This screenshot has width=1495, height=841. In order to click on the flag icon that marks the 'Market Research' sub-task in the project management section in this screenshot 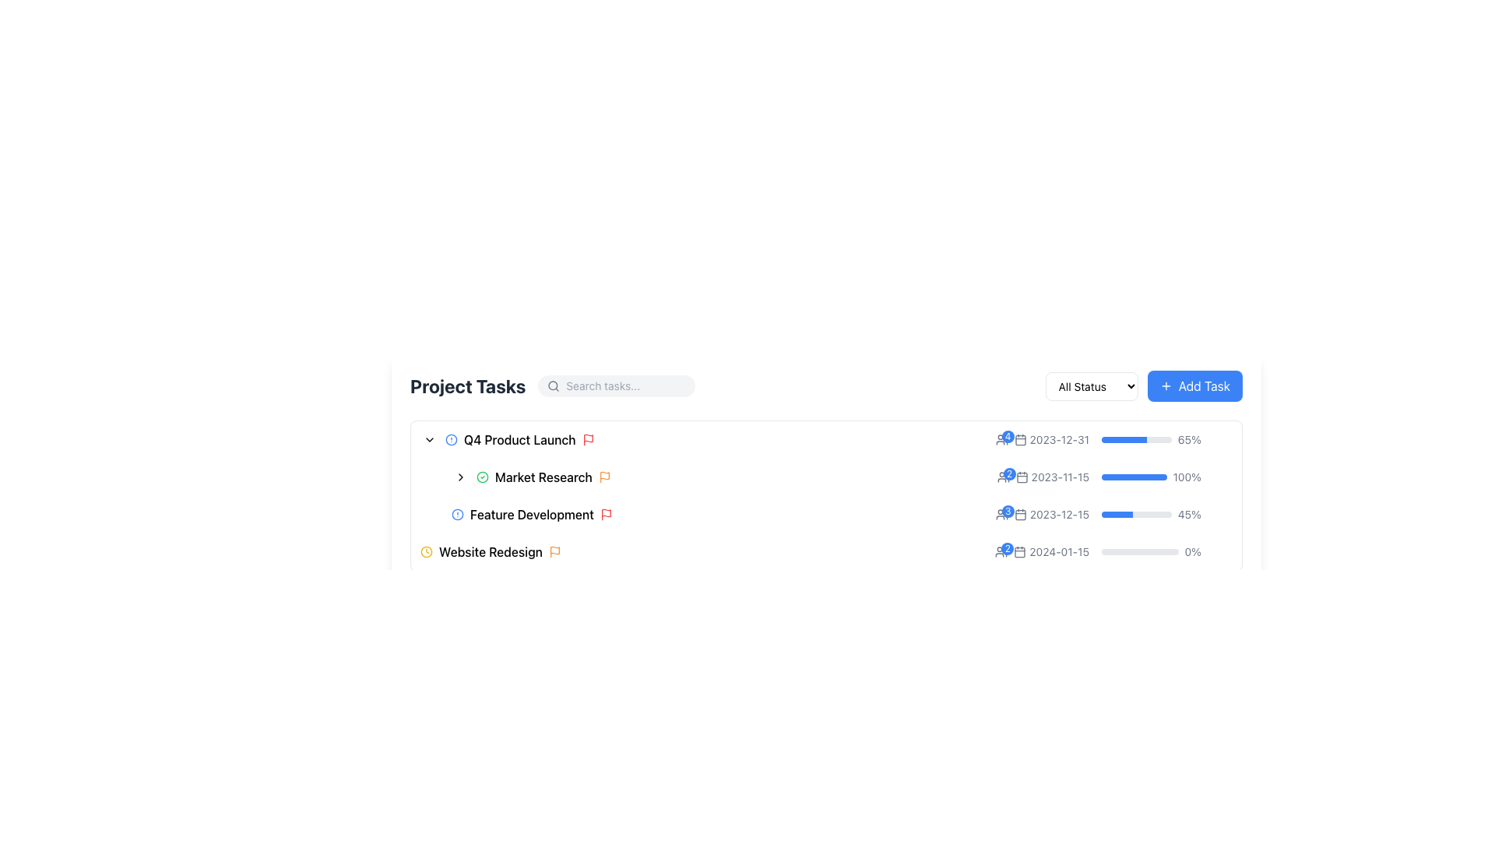, I will do `click(603, 474)`.